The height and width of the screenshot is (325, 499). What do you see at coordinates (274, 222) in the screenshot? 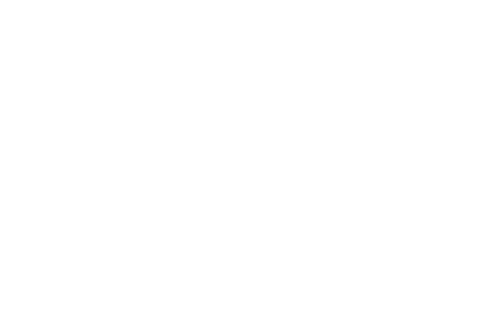
I see `'Algade 38, 3. sal, 9000 Aalborg, Denmark'` at bounding box center [274, 222].